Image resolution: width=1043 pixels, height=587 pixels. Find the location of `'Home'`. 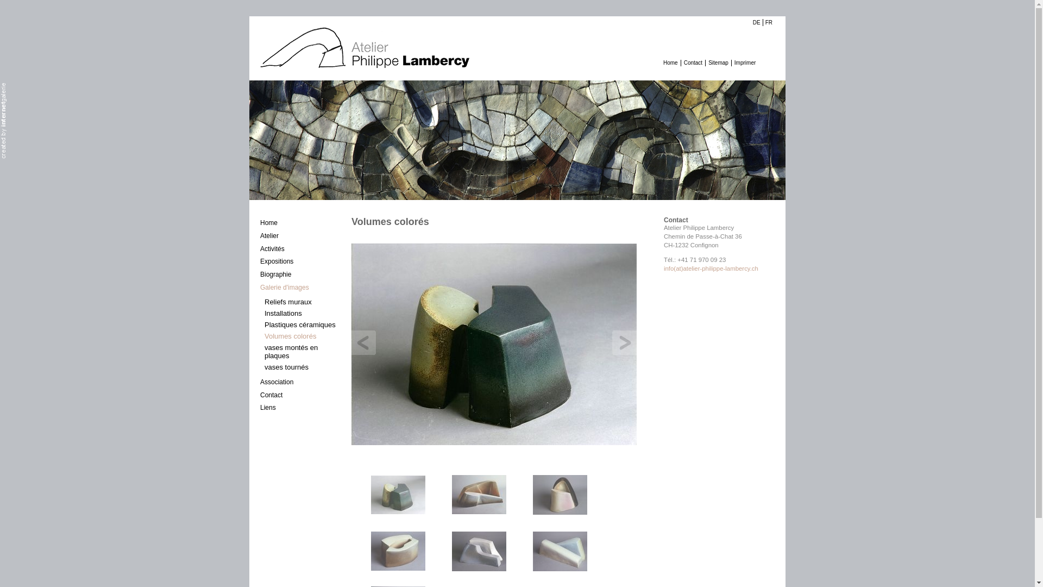

'Home' is located at coordinates (300, 222).